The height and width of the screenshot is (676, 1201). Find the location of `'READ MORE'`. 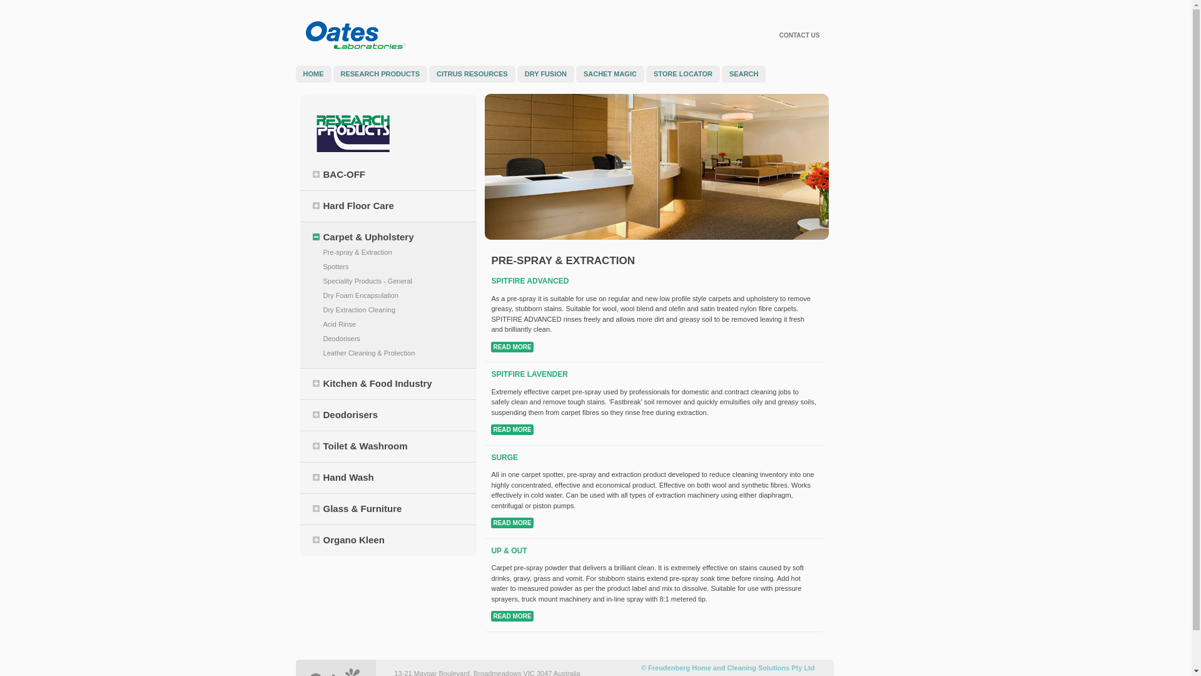

'READ MORE' is located at coordinates (512, 523).